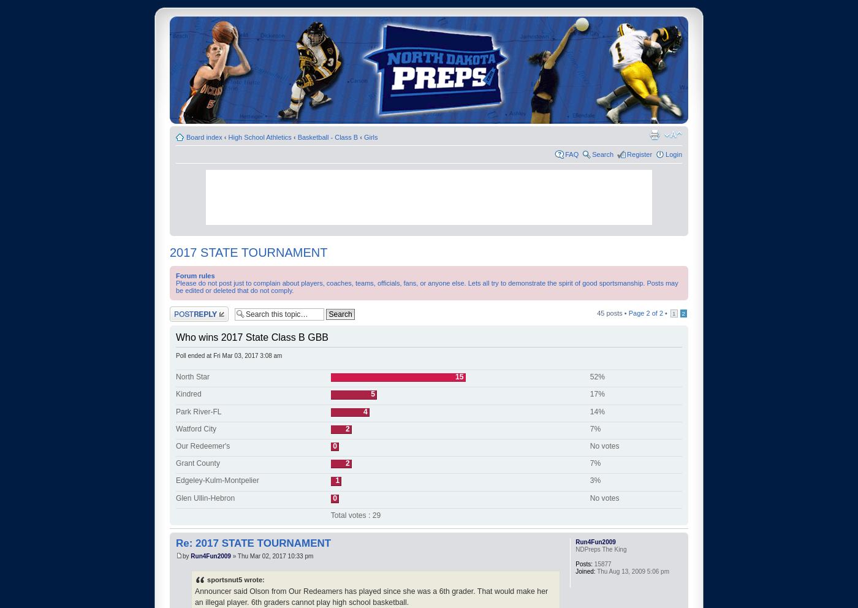  What do you see at coordinates (602, 153) in the screenshot?
I see `'Search'` at bounding box center [602, 153].